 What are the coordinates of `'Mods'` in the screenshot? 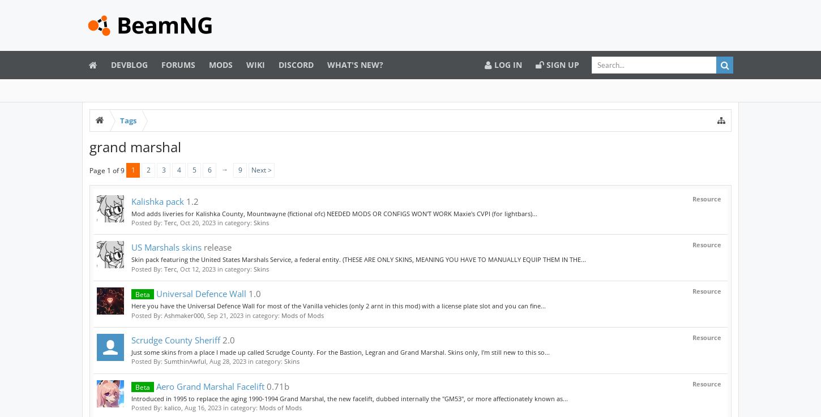 It's located at (220, 64).